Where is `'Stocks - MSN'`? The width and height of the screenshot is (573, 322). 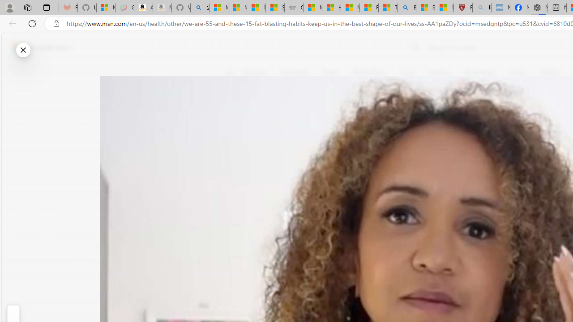
'Stocks - MSN' is located at coordinates (274, 8).